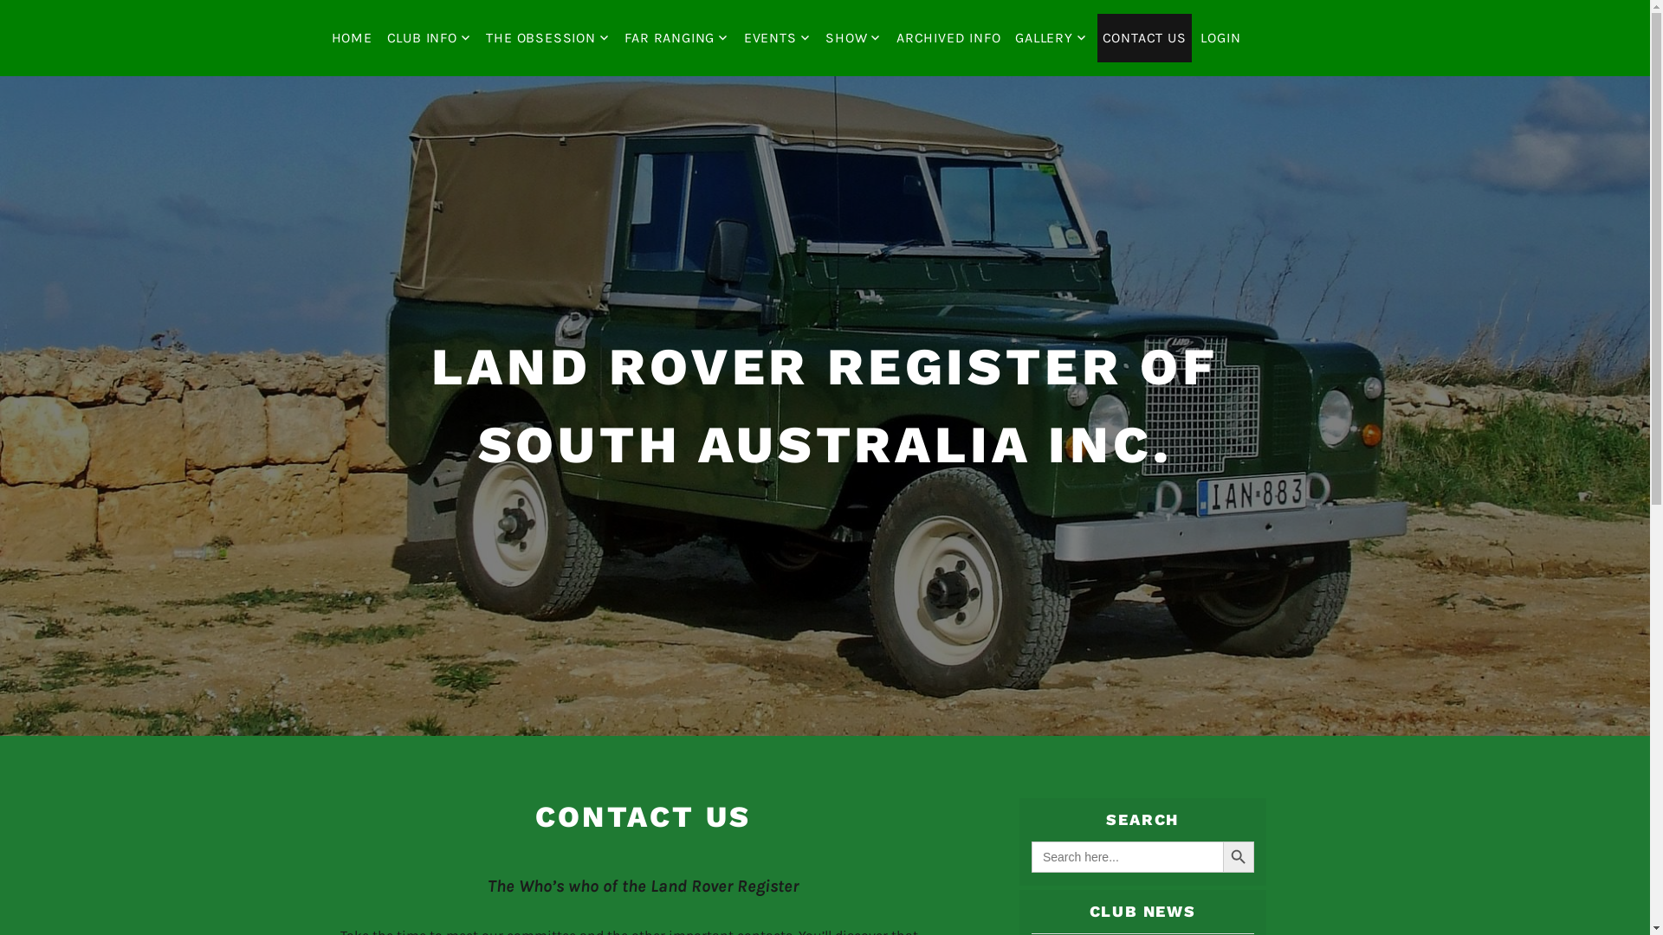 The width and height of the screenshot is (1663, 935). I want to click on 'GALLERY', so click(1050, 37).